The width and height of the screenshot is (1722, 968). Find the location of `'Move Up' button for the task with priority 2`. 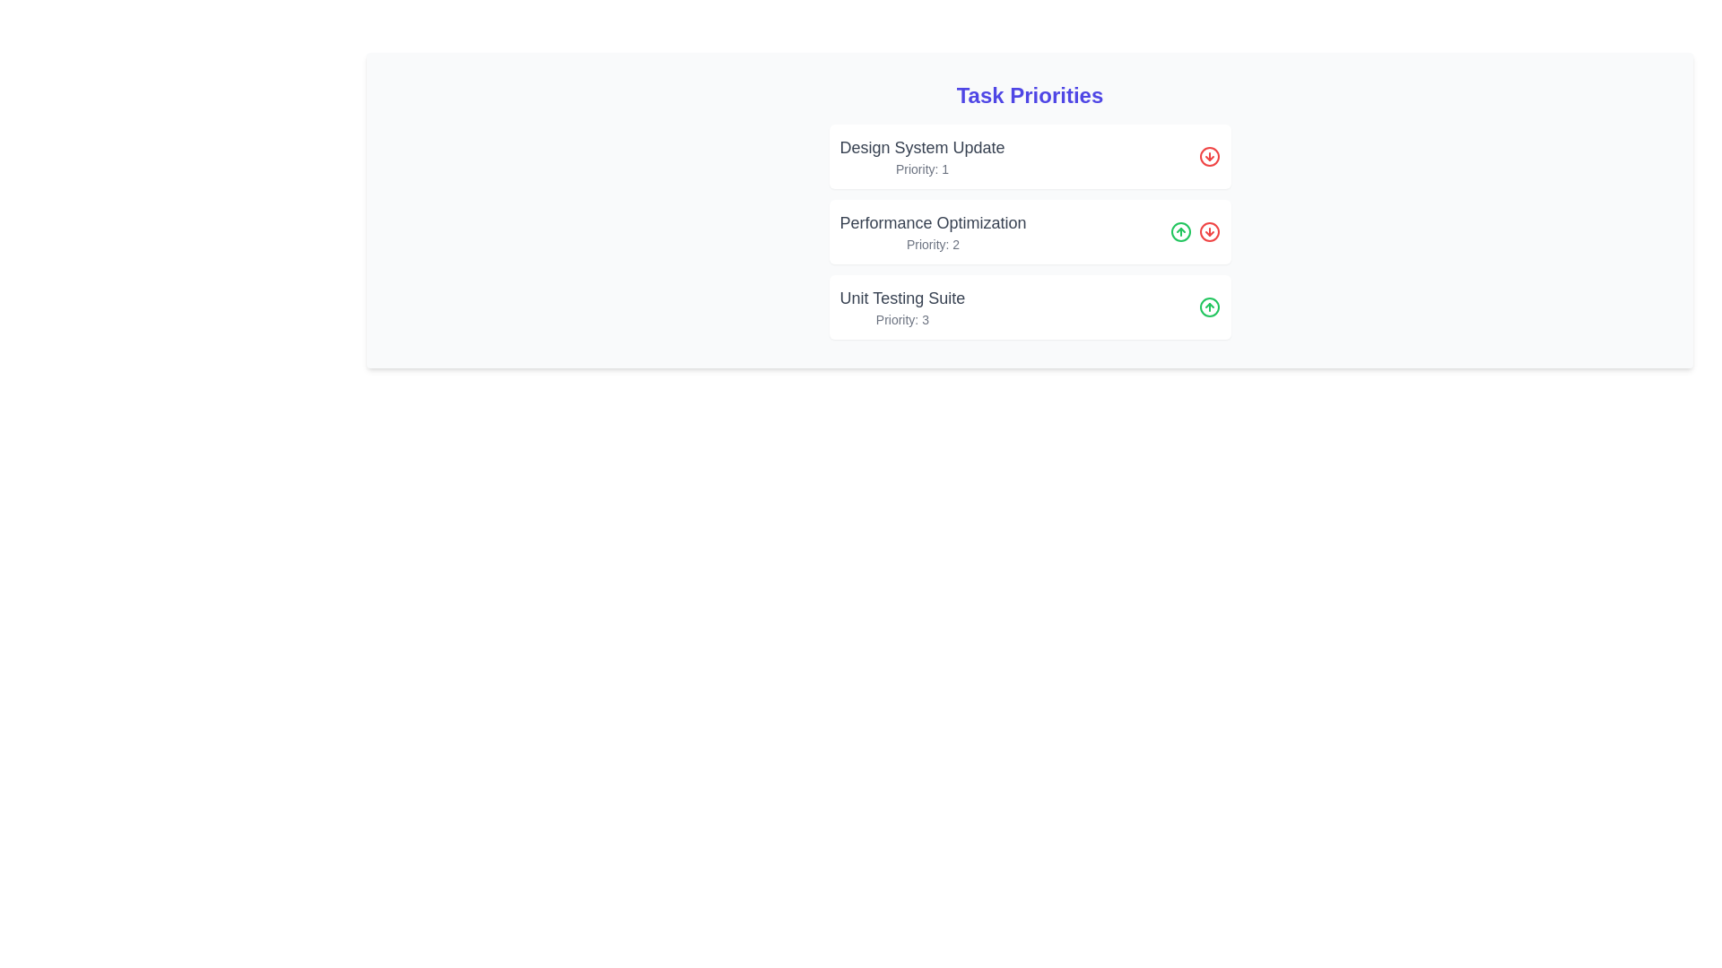

'Move Up' button for the task with priority 2 is located at coordinates (1180, 230).